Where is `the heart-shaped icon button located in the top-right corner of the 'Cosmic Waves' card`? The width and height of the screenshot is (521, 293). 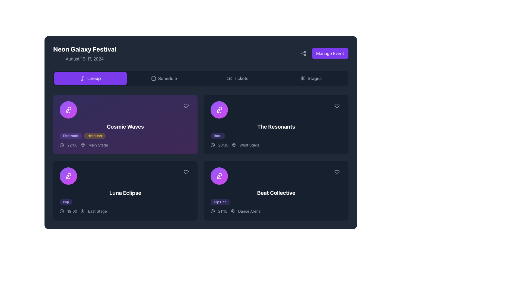
the heart-shaped icon button located in the top-right corner of the 'Cosmic Waves' card is located at coordinates (186, 106).